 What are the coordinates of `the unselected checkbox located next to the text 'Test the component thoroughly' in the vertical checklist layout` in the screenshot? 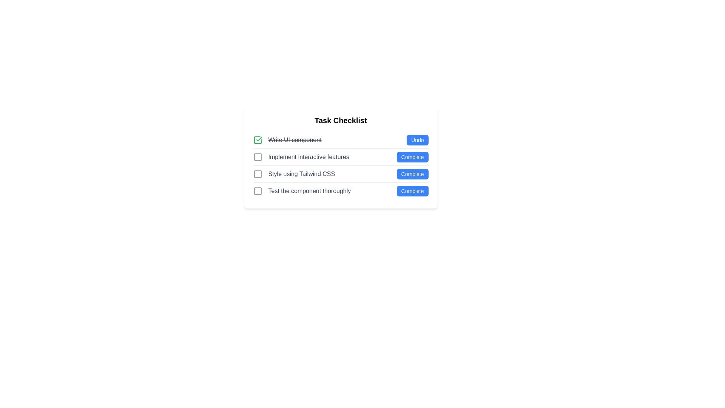 It's located at (258, 190).